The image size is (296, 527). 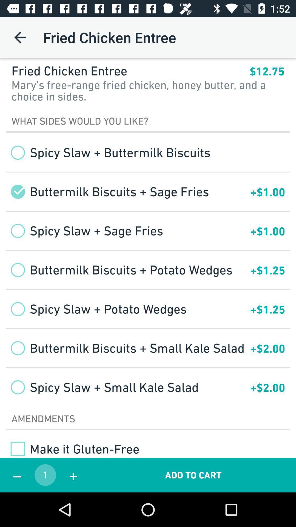 I want to click on $12.75 item, so click(x=267, y=71).